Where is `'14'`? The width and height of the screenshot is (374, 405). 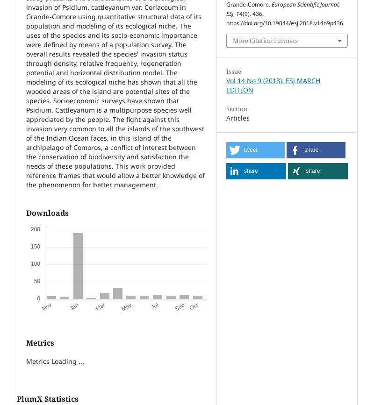 '14' is located at coordinates (239, 14).